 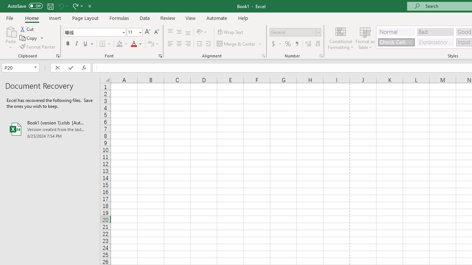 I want to click on 'Format Painter', so click(x=38, y=47).